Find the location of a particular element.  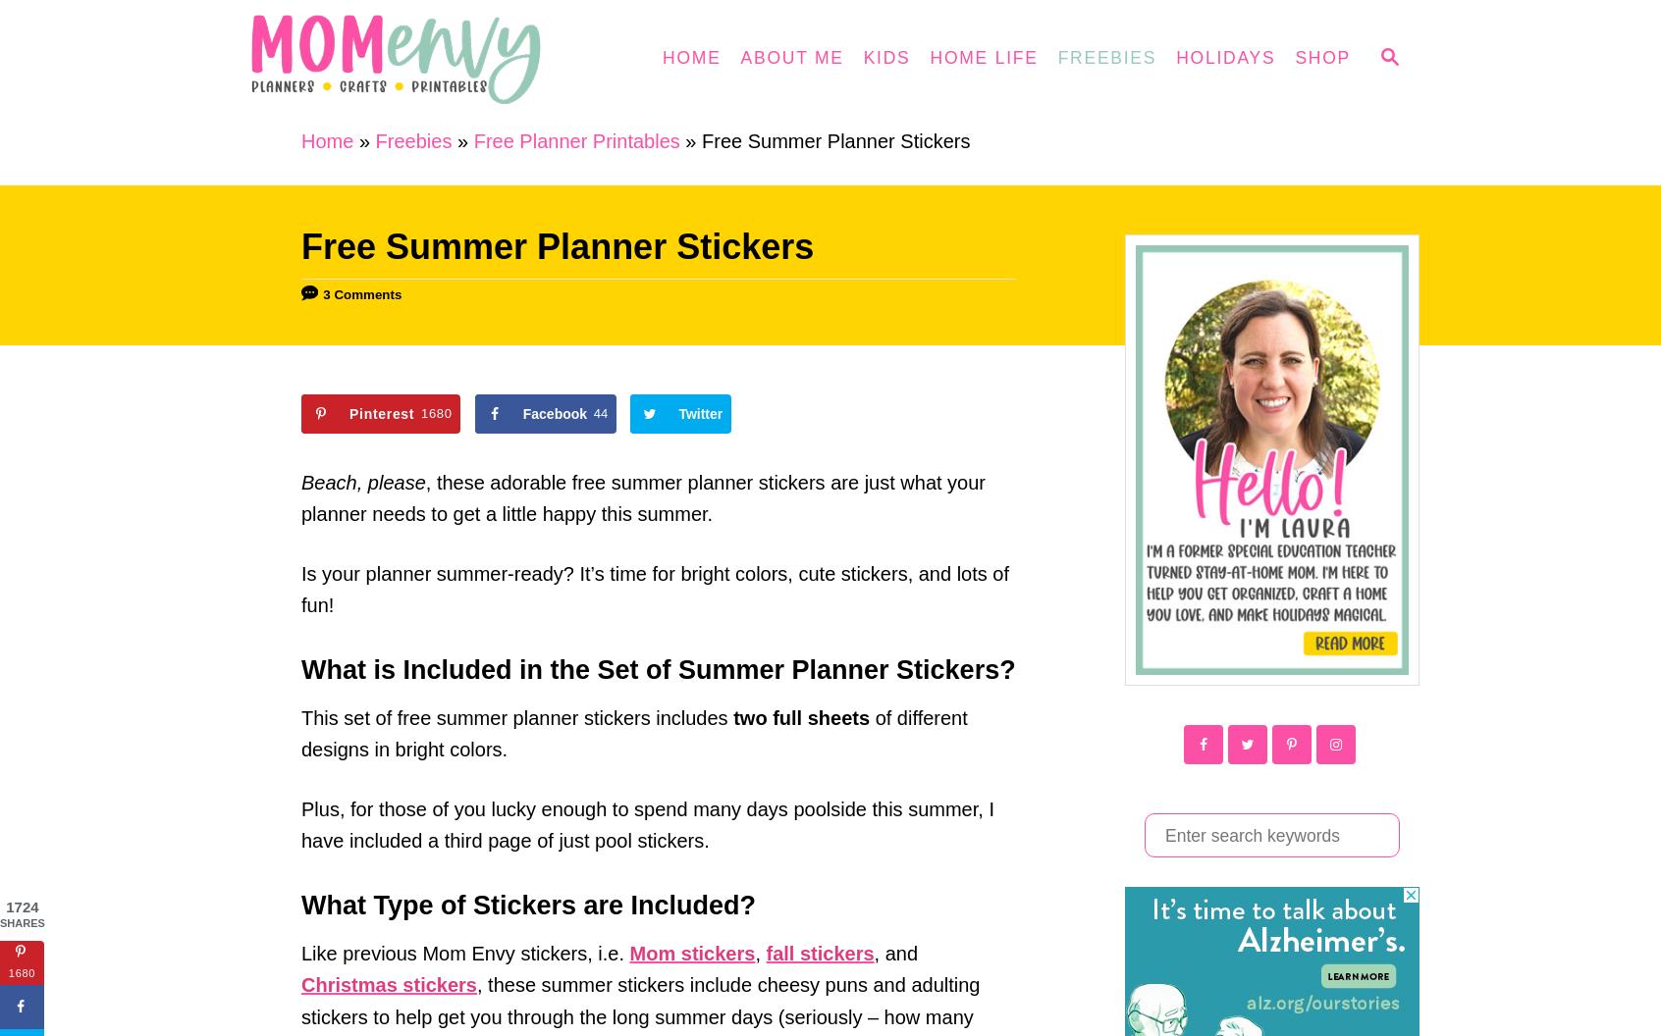

'Contact Laura' is located at coordinates (631, 106).